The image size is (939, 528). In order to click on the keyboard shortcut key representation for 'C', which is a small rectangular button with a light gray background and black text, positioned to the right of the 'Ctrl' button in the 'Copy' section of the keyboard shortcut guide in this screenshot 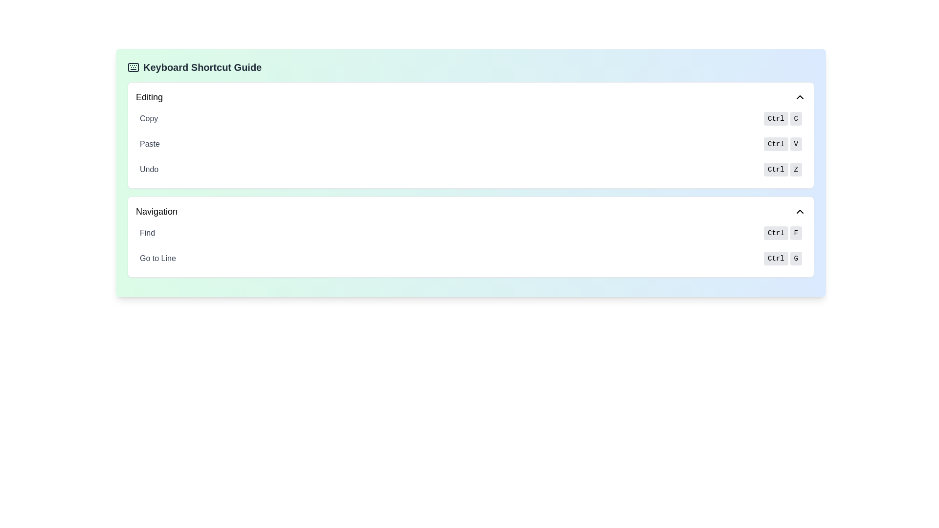, I will do `click(796, 118)`.